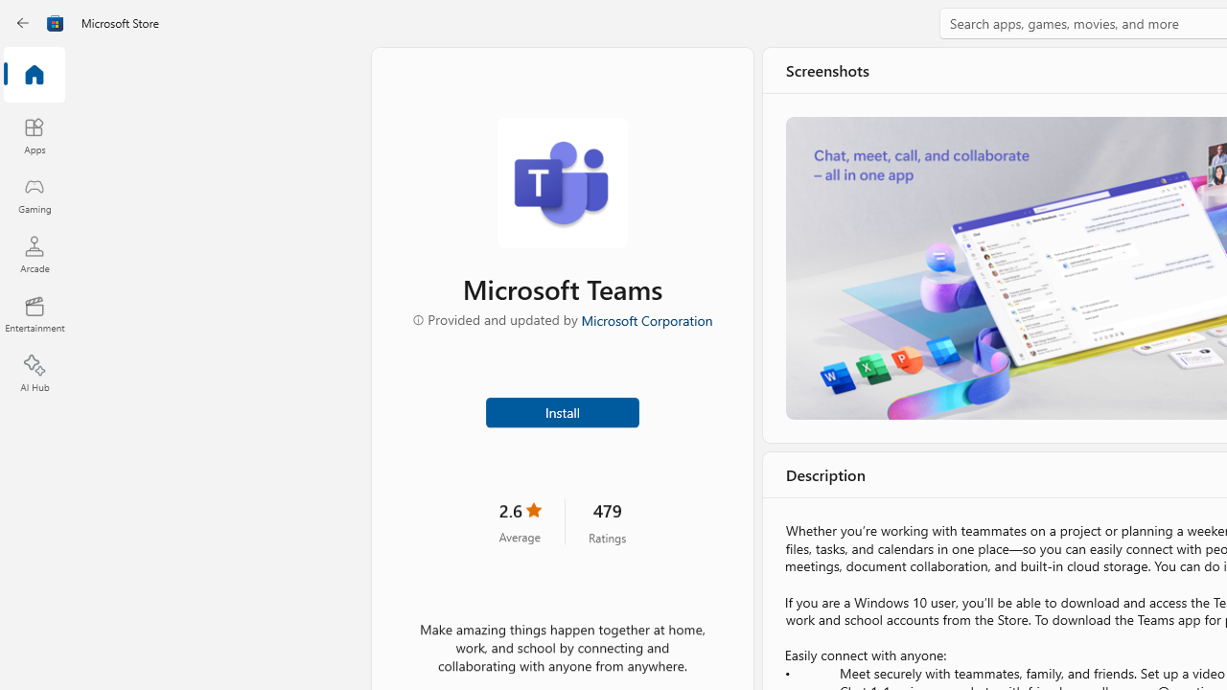  Describe the element at coordinates (520, 520) in the screenshot. I see `'2.6 stars. Click to skip to ratings and reviews'` at that location.